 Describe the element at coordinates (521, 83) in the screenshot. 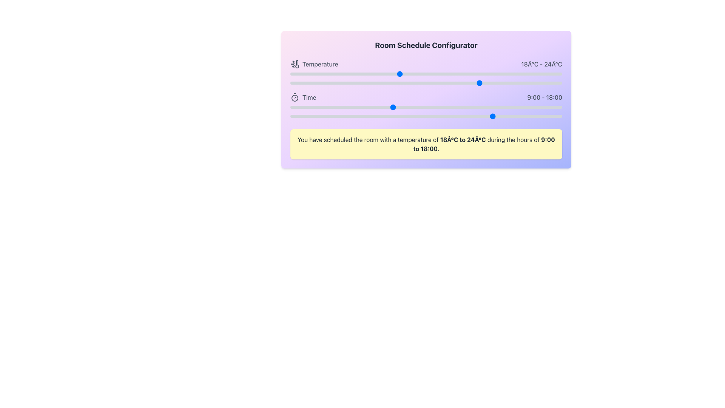

I see `the slider value` at that location.